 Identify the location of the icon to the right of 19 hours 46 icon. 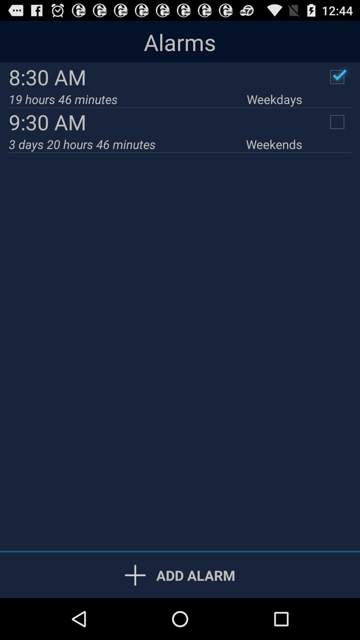
(274, 99).